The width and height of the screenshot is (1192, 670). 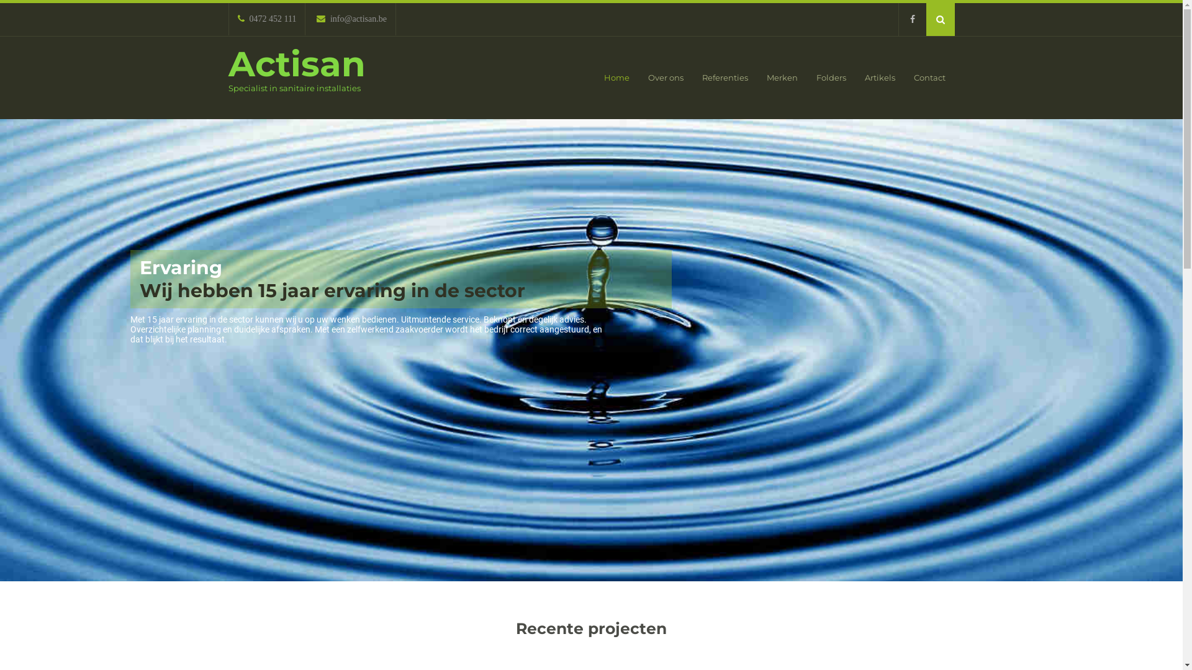 I want to click on 'Referenties', so click(x=692, y=78).